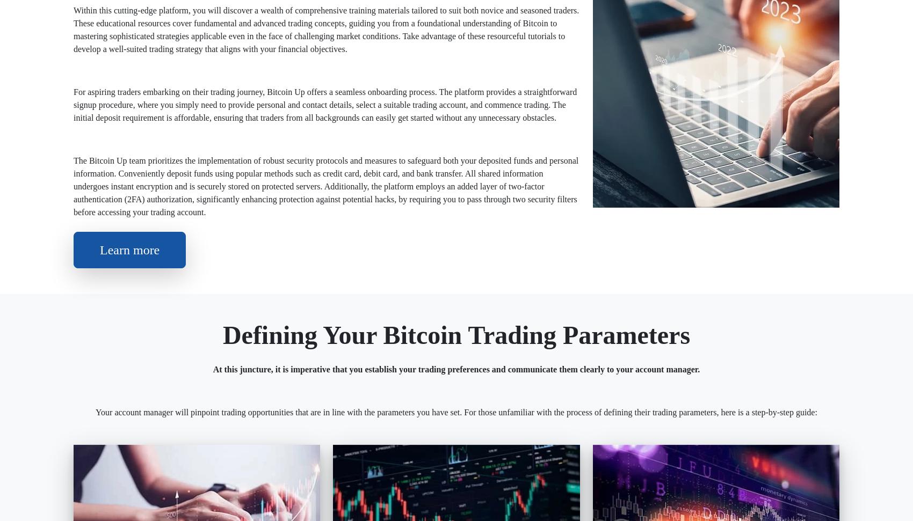 The image size is (913, 521). I want to click on '#Bitcoin Up', so click(95, 393).